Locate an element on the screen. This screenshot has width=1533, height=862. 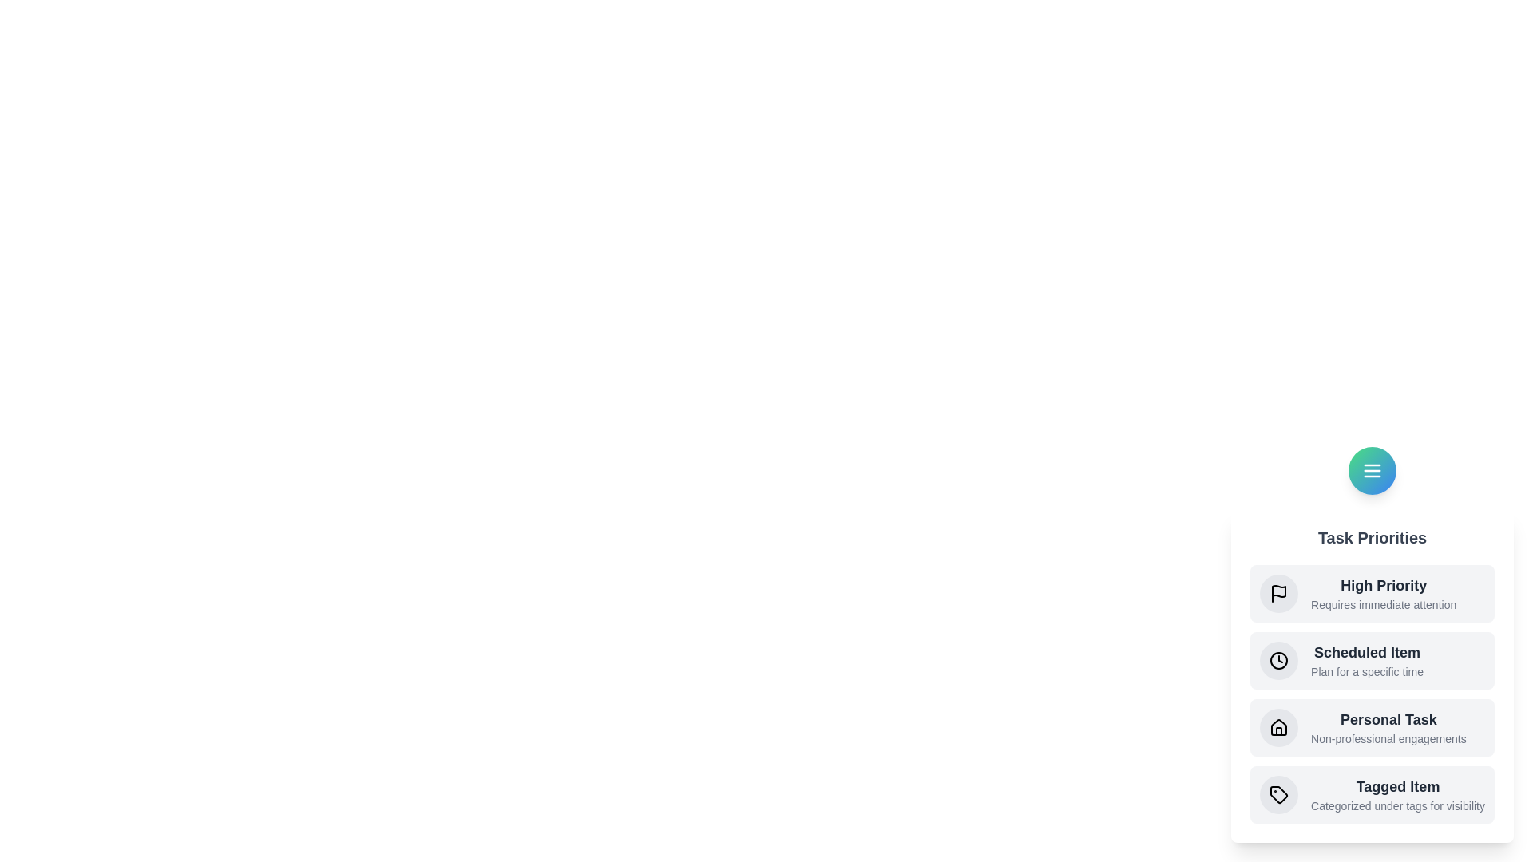
the specified element: floating_button is located at coordinates (1371, 470).